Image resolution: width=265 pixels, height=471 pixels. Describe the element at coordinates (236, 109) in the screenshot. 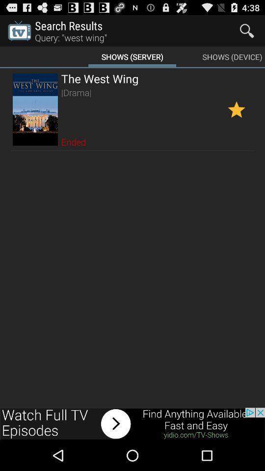

I see `deselect show` at that location.